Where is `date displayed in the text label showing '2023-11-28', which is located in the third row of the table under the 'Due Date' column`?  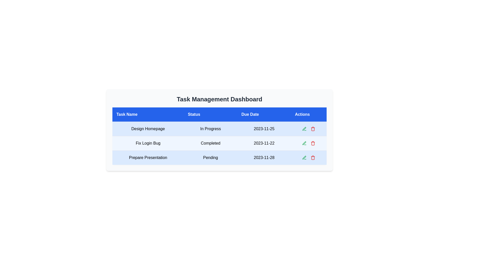
date displayed in the text label showing '2023-11-28', which is located in the third row of the table under the 'Due Date' column is located at coordinates (264, 157).